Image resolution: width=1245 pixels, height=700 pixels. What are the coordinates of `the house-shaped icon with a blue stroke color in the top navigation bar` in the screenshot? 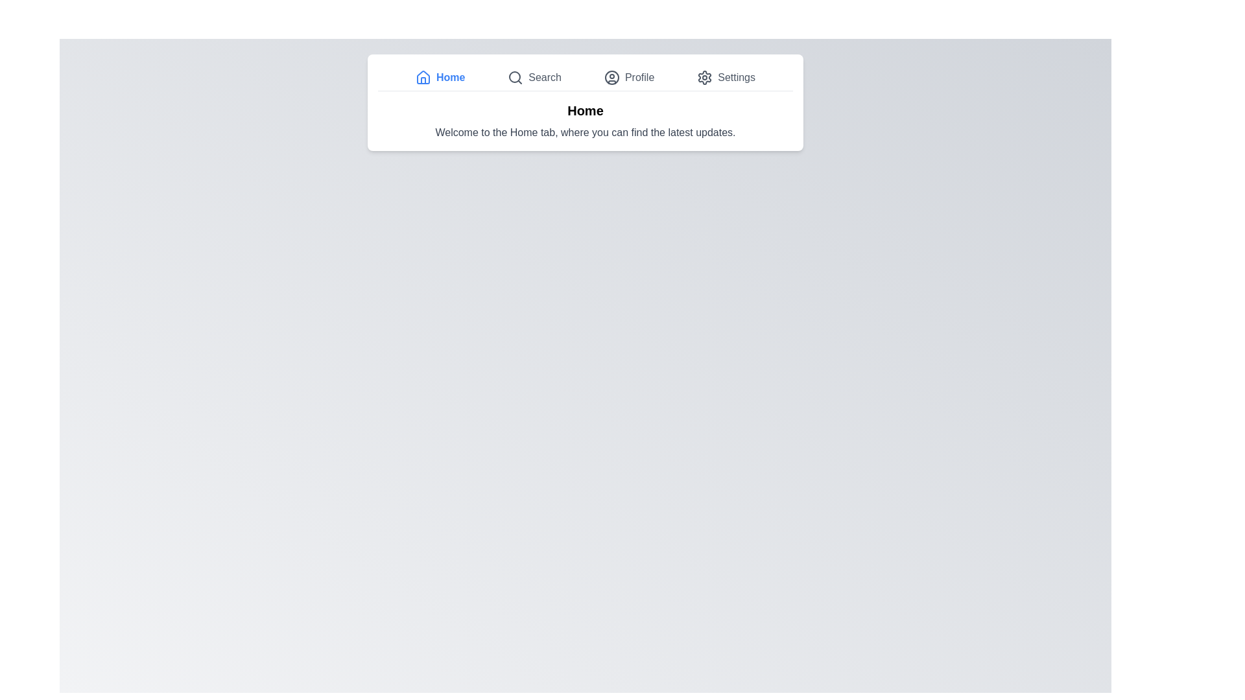 It's located at (423, 77).